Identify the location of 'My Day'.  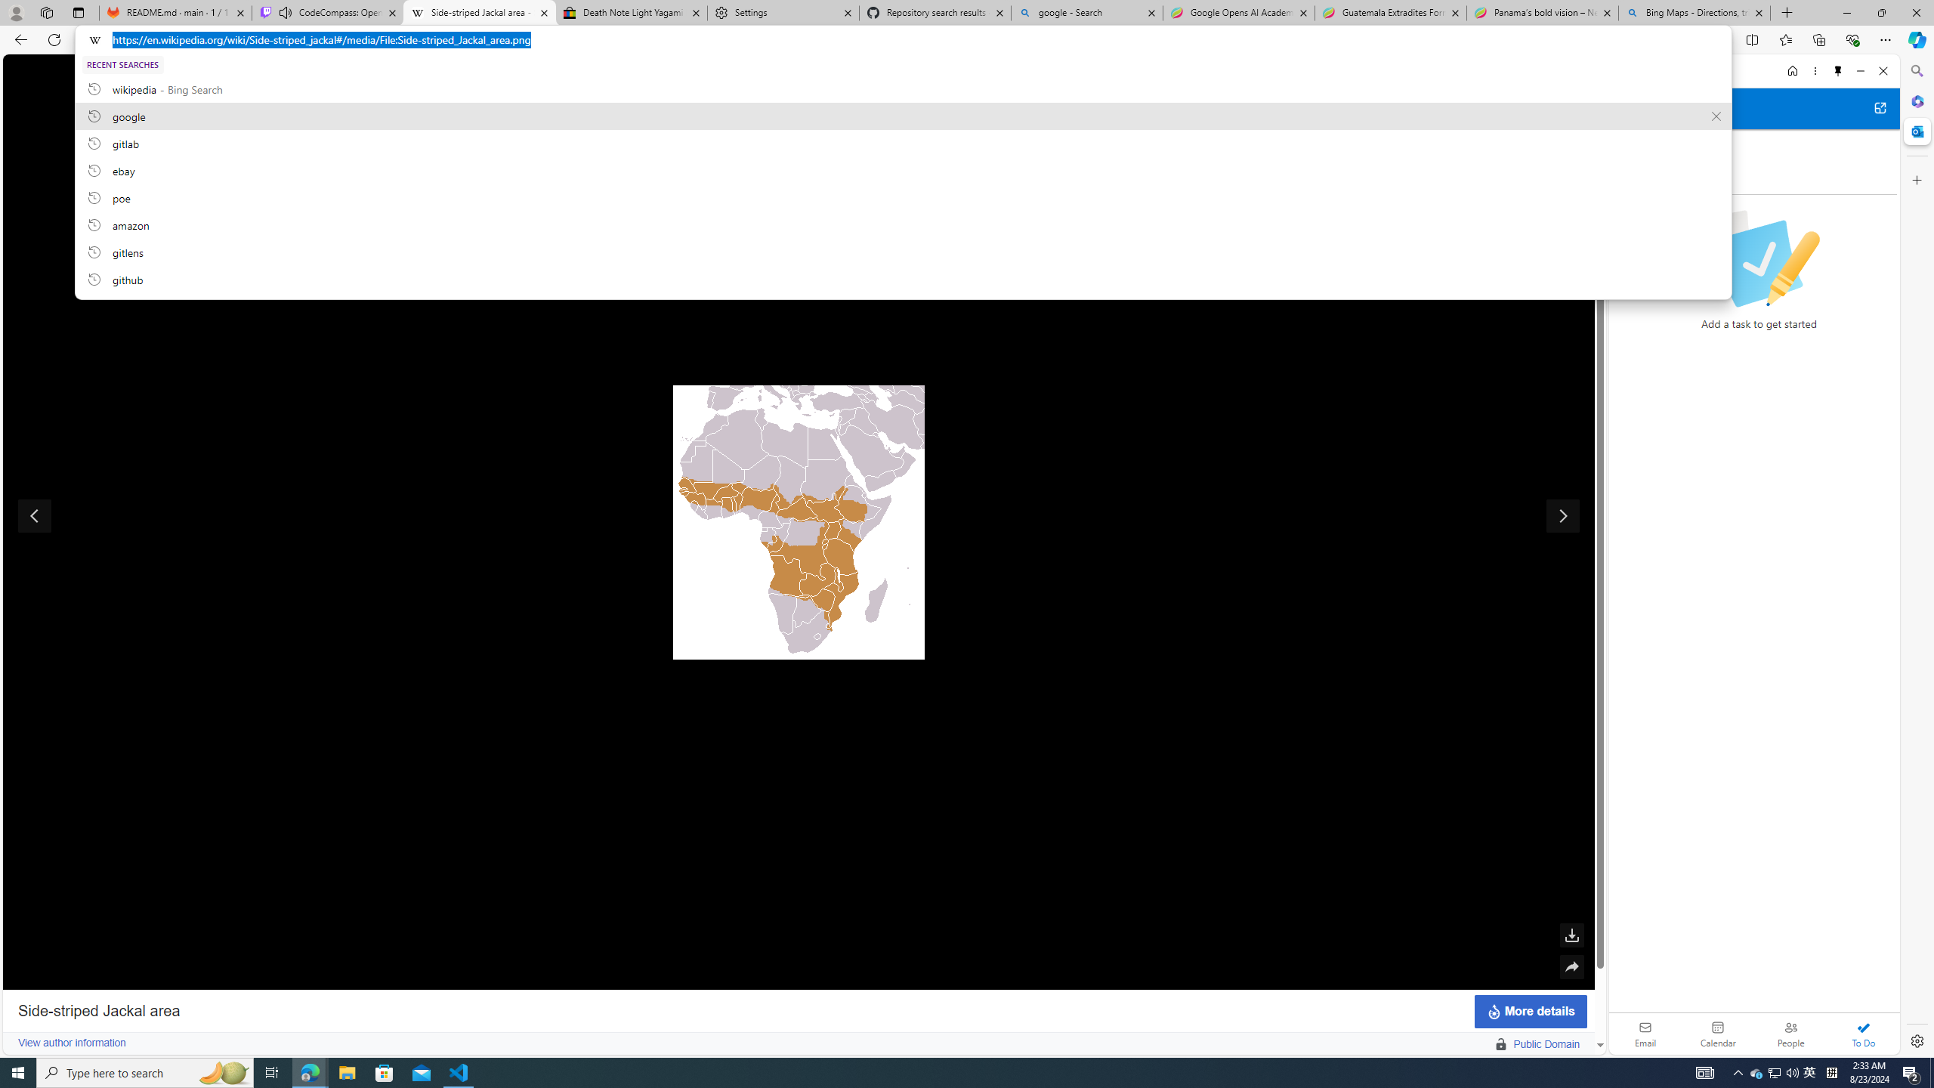
(1641, 144).